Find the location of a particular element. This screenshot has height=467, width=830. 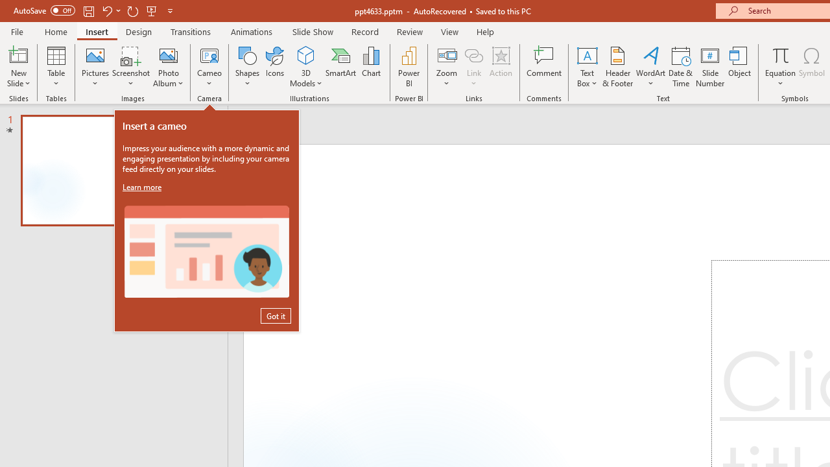

'WordArt' is located at coordinates (651, 67).